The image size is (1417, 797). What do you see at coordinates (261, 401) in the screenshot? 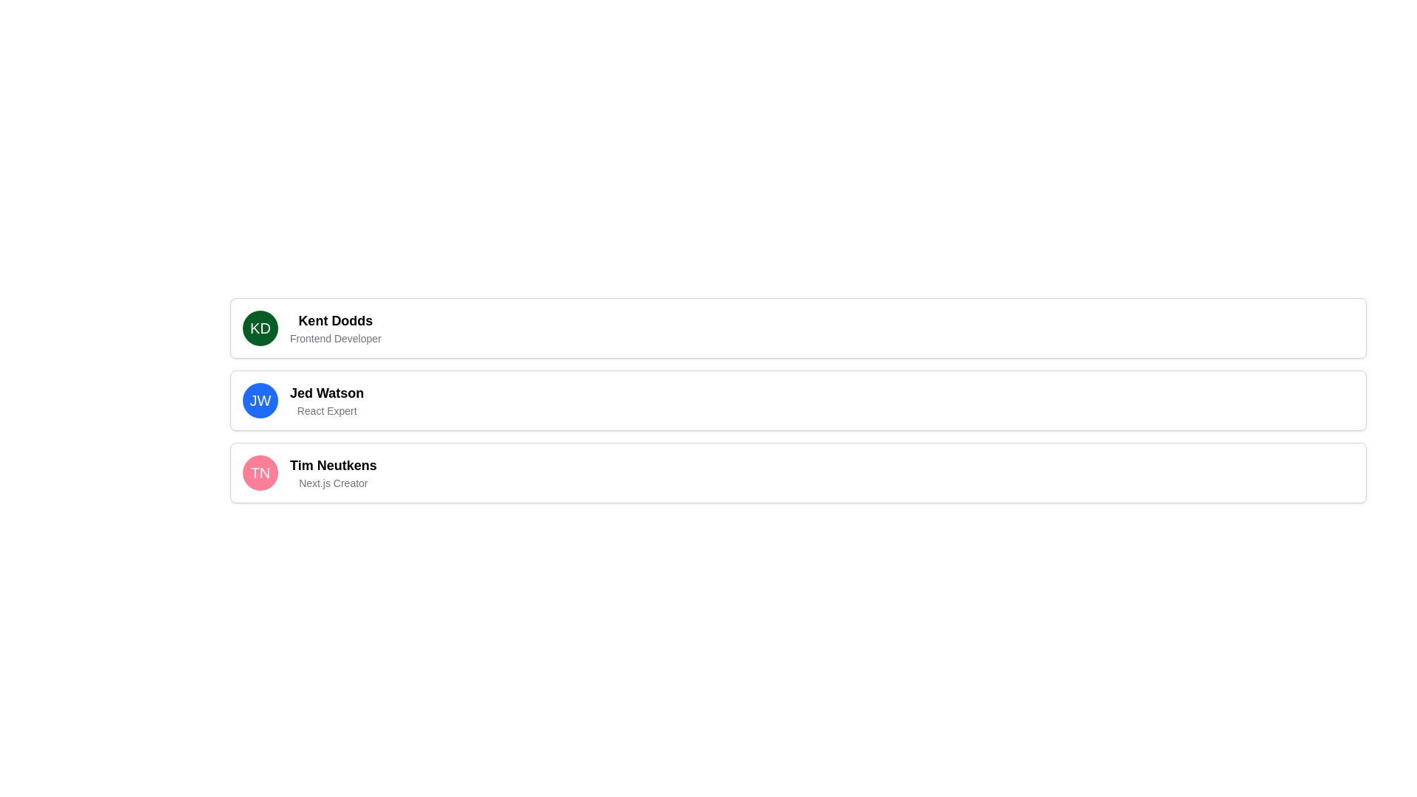
I see `the circular avatar displaying 'JW' in white text on a blue background, located at the top-left corner of the user profile card for 'Jed Watson', the second card from the top` at bounding box center [261, 401].